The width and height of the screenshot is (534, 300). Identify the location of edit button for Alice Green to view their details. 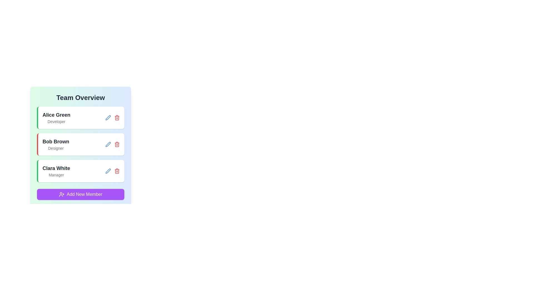
(108, 117).